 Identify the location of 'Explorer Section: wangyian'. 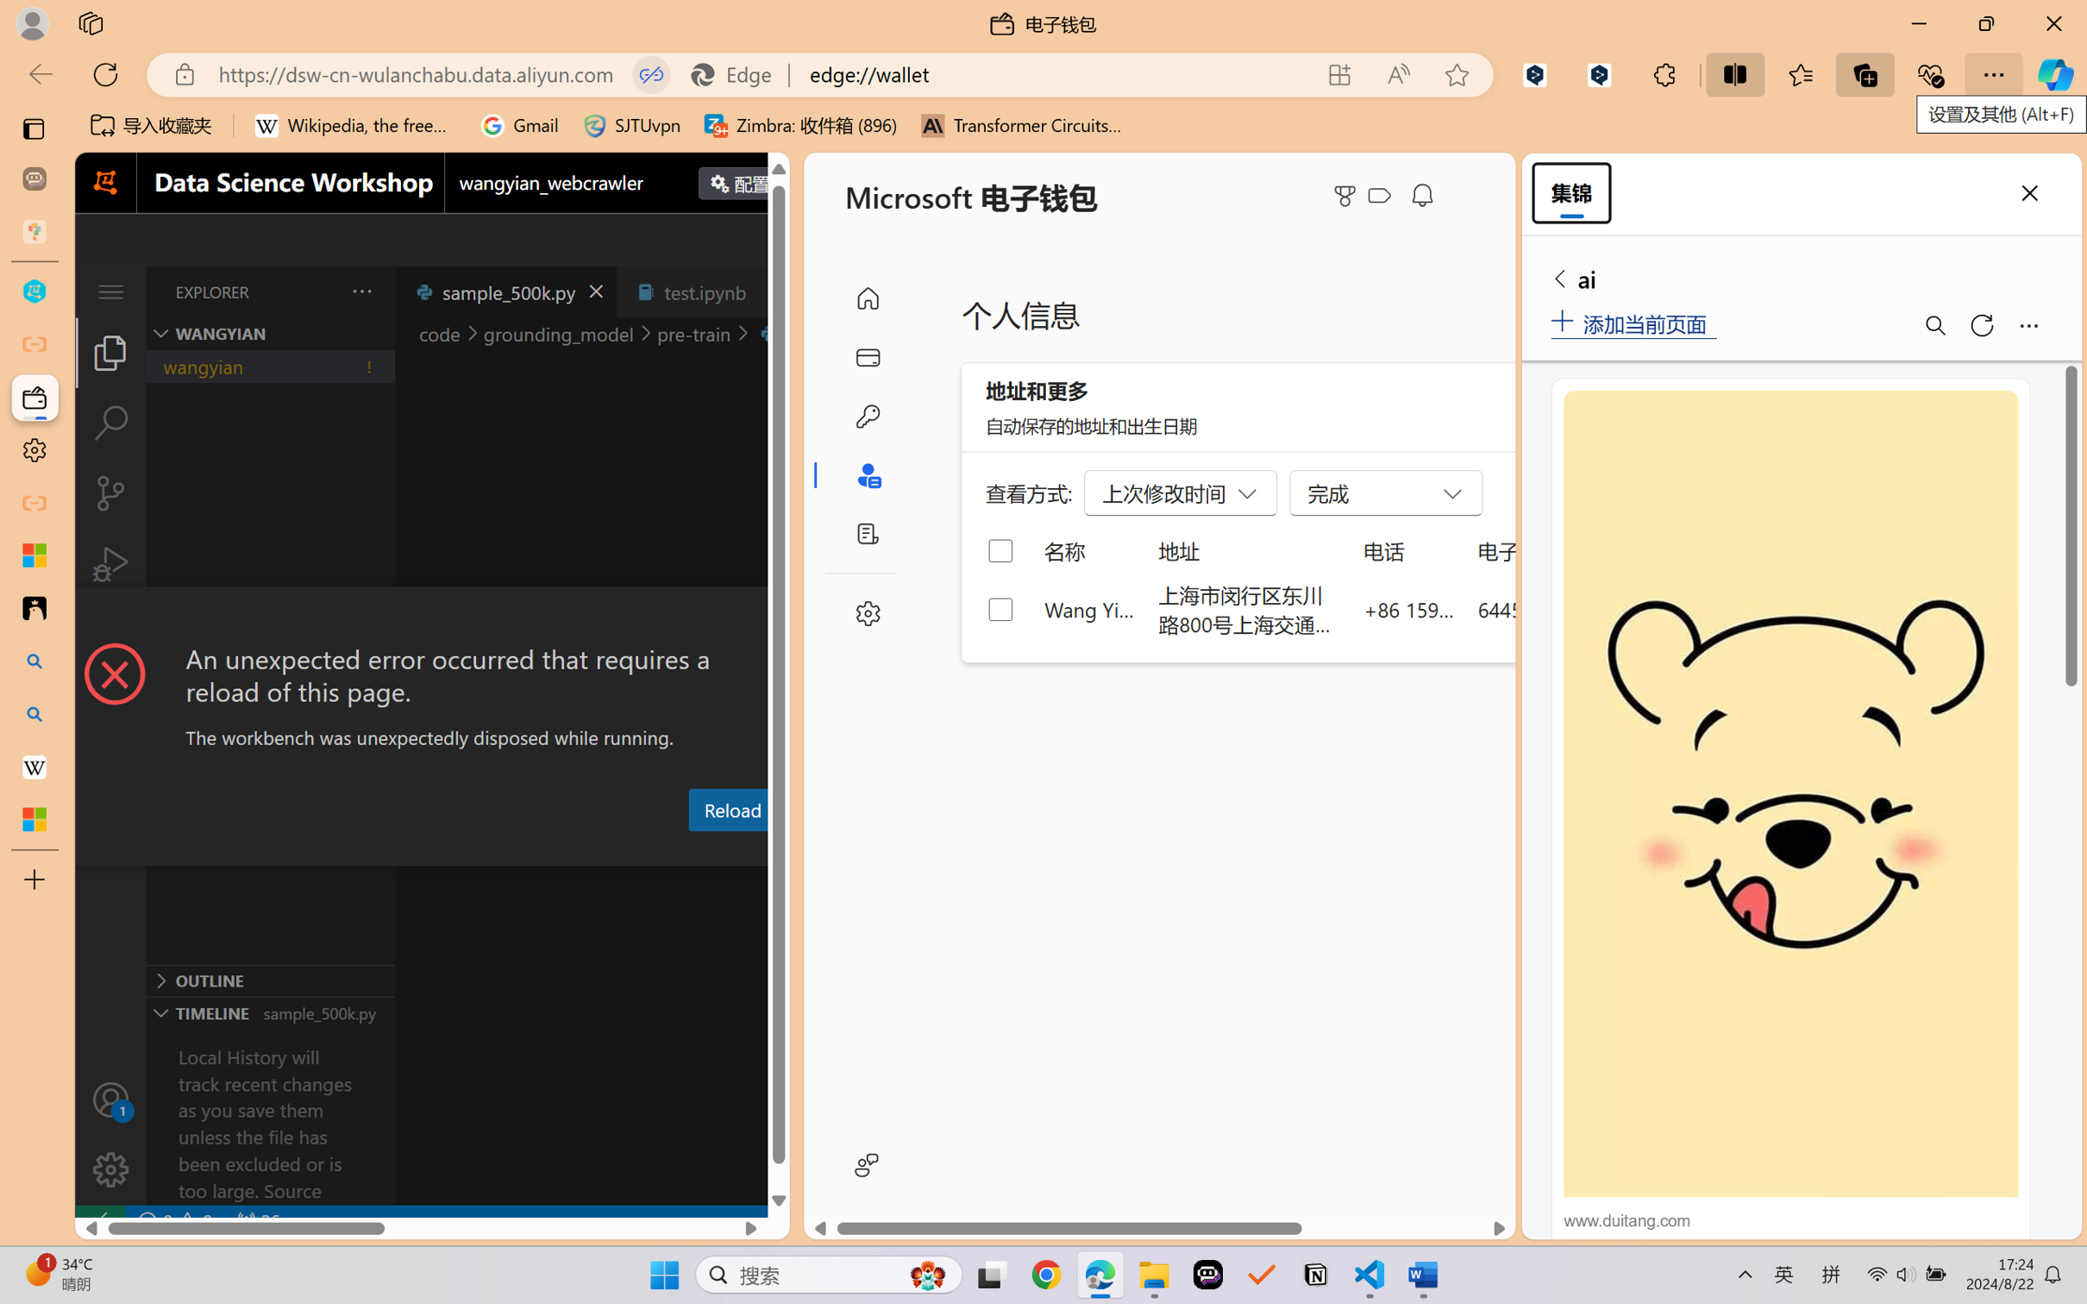
(270, 333).